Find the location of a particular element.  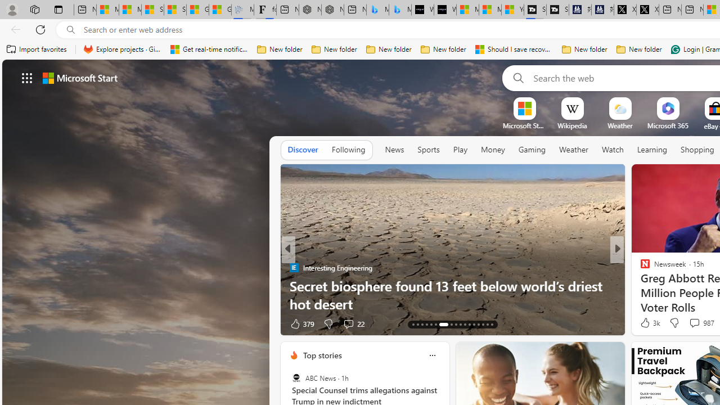

'AutomationID: tab-15' is located at coordinates (421, 325).